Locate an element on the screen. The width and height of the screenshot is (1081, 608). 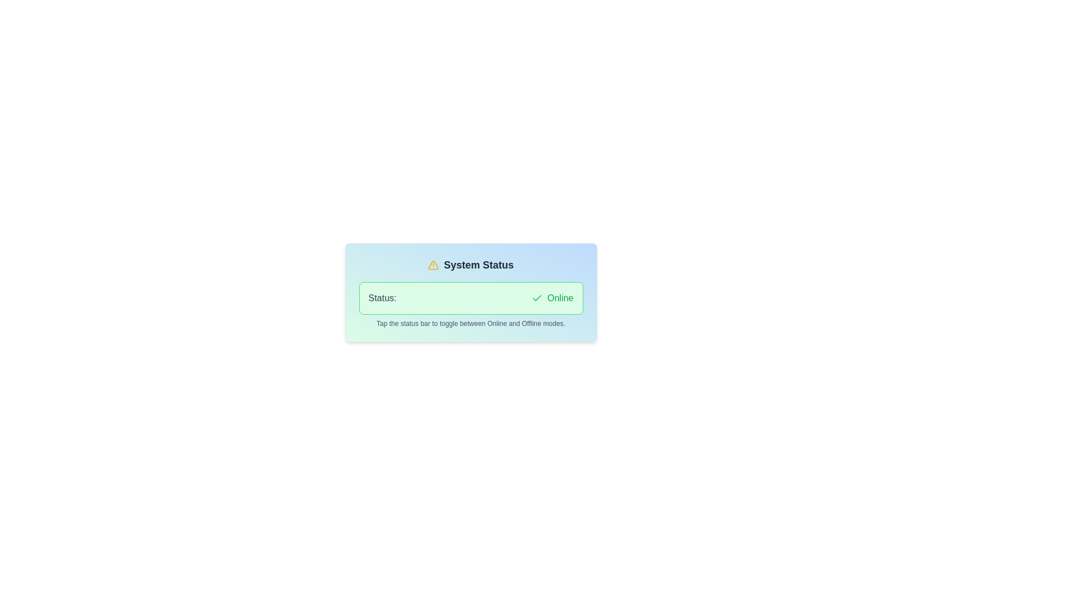
the light-gray text label instruction located below the 'Status: Online' indicator within the gradient card interface is located at coordinates (471, 323).